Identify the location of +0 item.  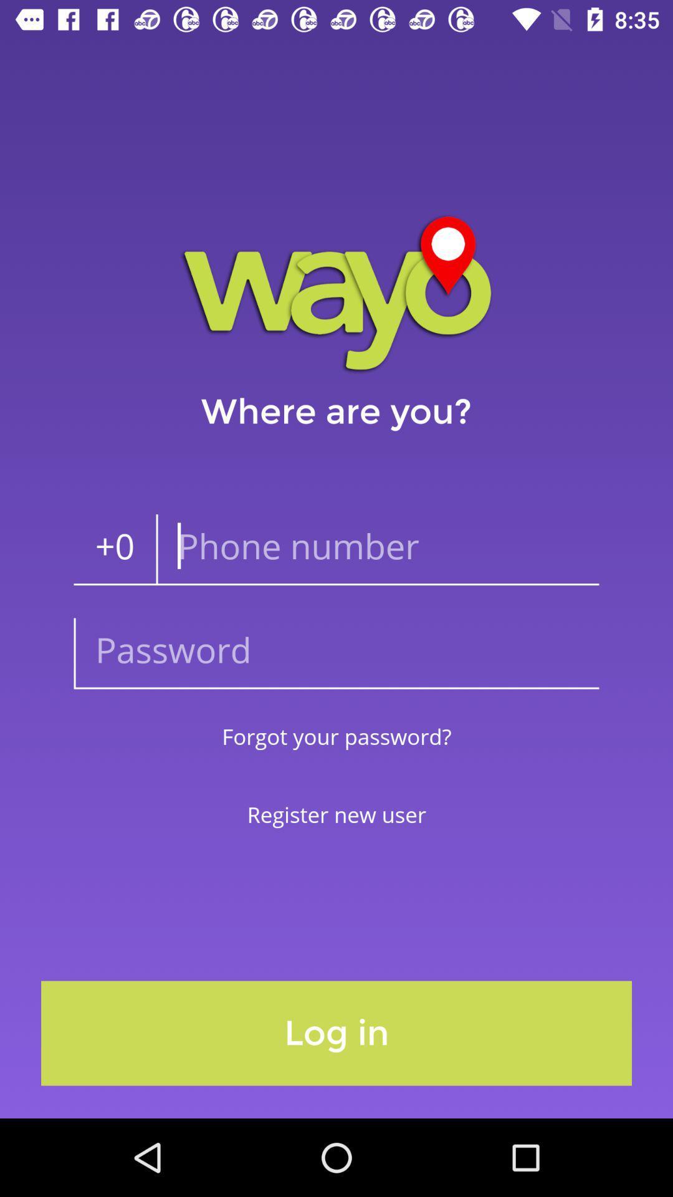
(115, 549).